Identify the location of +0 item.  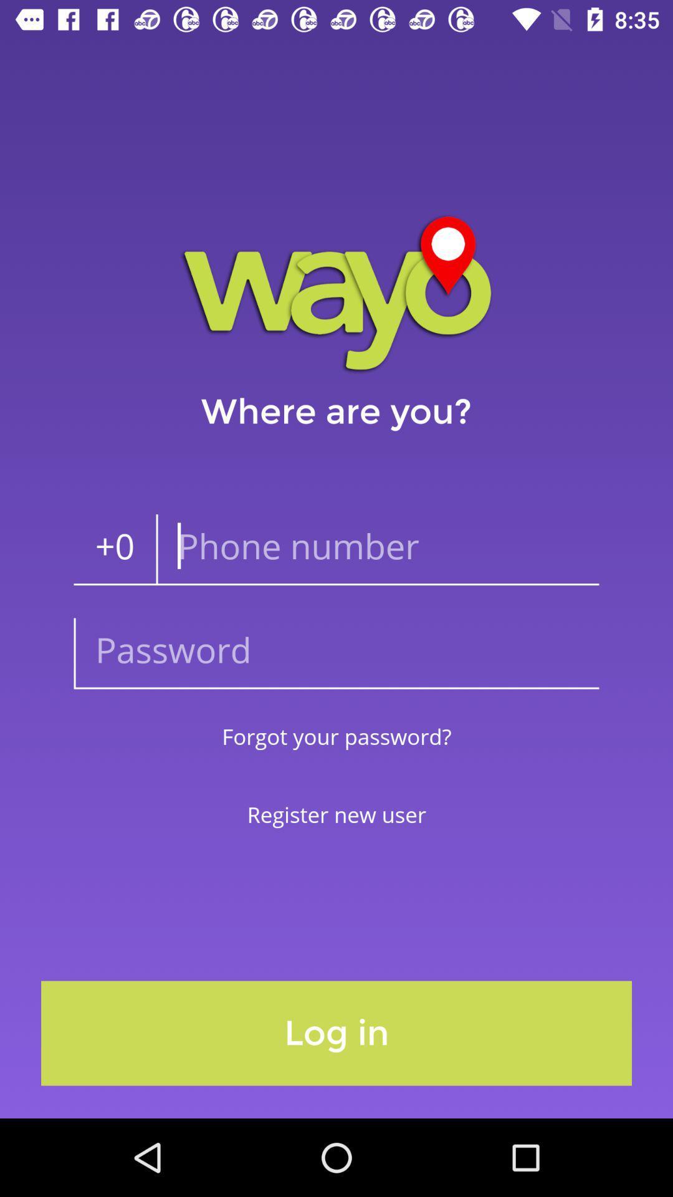
(115, 549).